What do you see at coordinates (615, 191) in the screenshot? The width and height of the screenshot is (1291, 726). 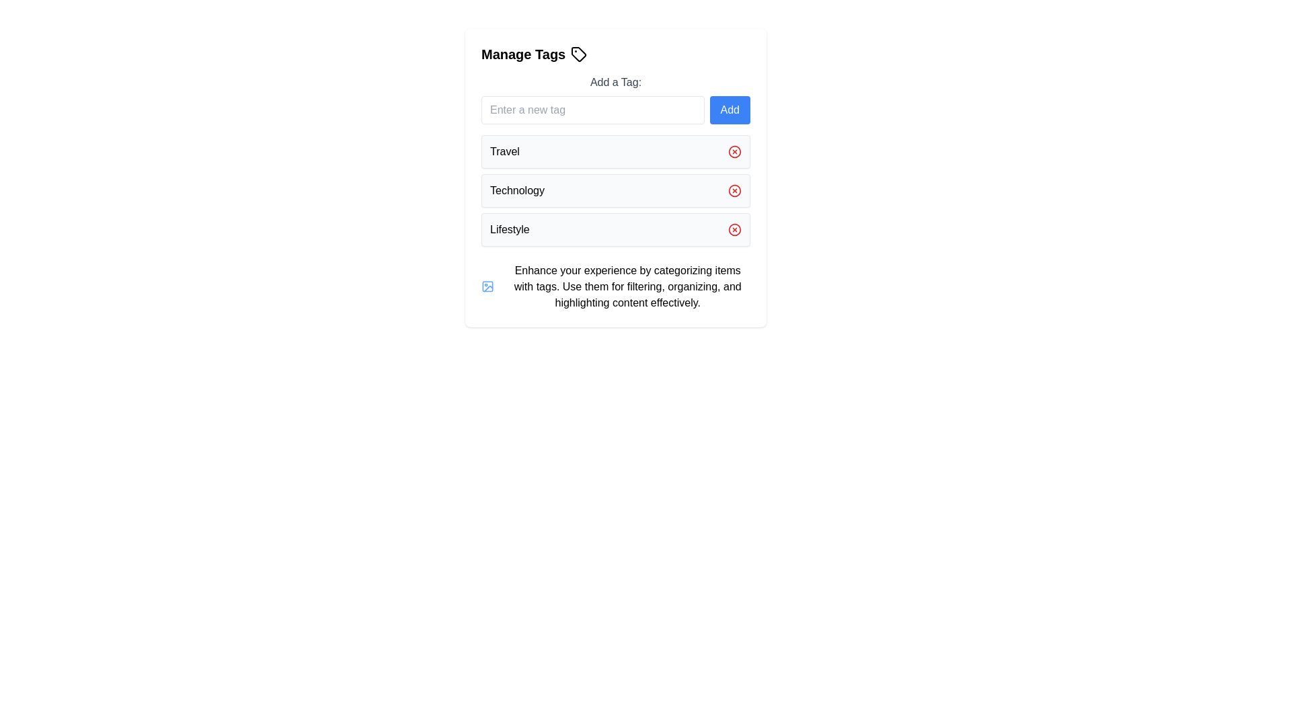 I see `the List item labeled 'Technology' with a delete button` at bounding box center [615, 191].